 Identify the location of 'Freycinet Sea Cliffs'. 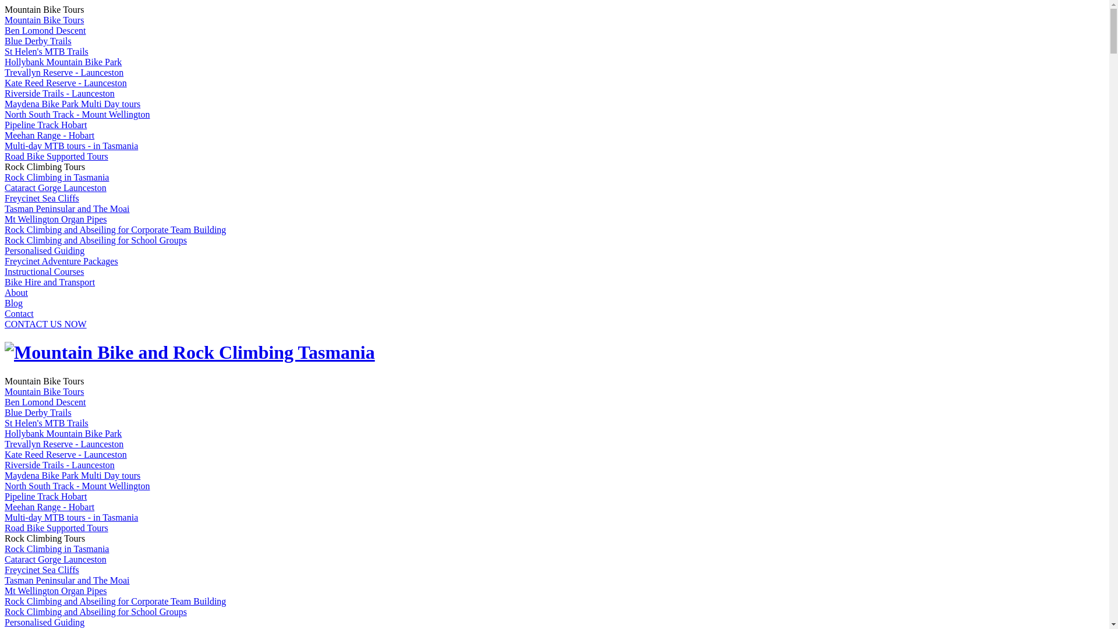
(42, 569).